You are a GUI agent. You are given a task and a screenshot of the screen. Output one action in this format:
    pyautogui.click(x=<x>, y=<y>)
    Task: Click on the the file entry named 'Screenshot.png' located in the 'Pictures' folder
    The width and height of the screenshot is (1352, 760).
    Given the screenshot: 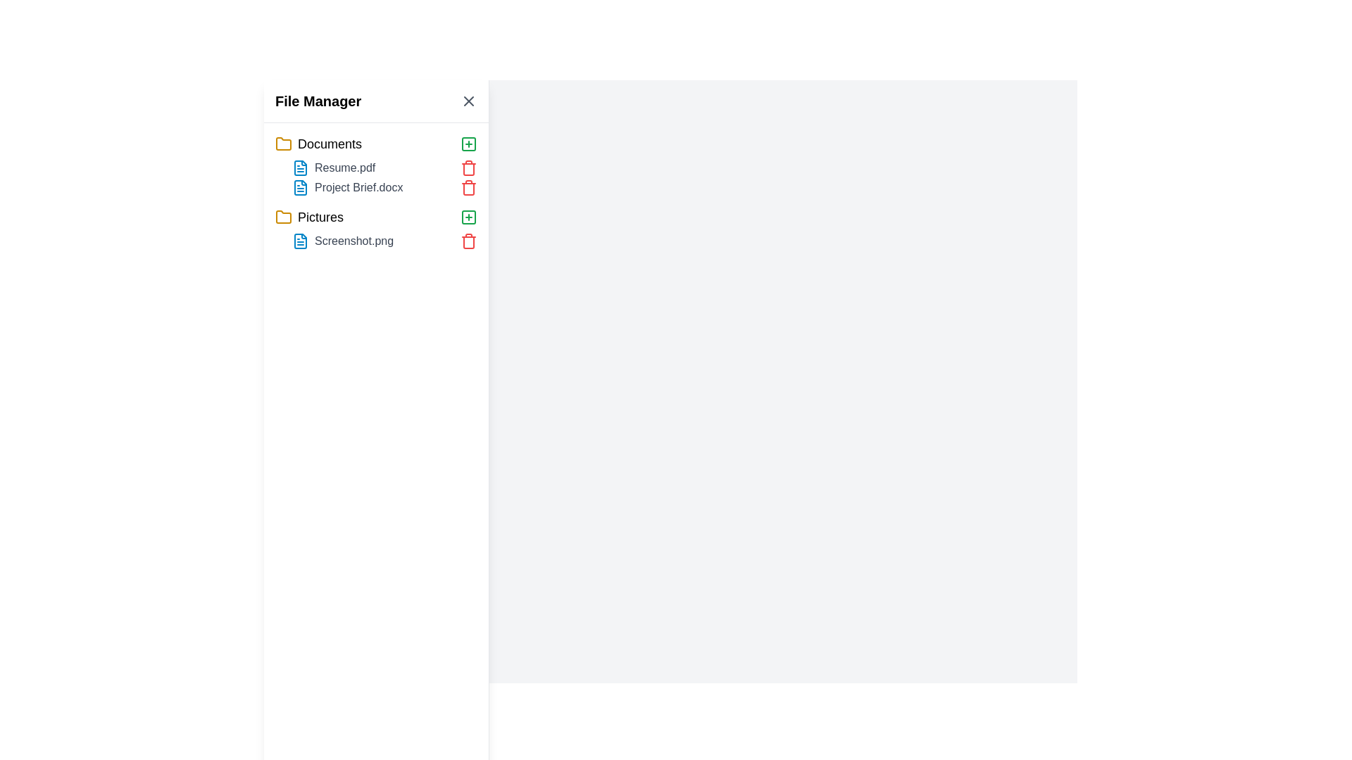 What is the action you would take?
    pyautogui.click(x=376, y=227)
    